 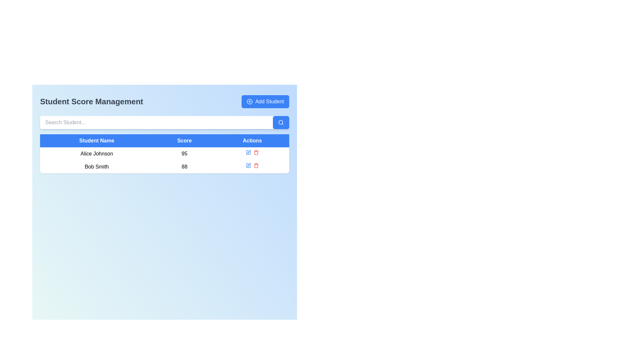 What do you see at coordinates (281, 122) in the screenshot?
I see `the blue rectangular button with a search icon at the right end of the 'Search Student...' text input field` at bounding box center [281, 122].